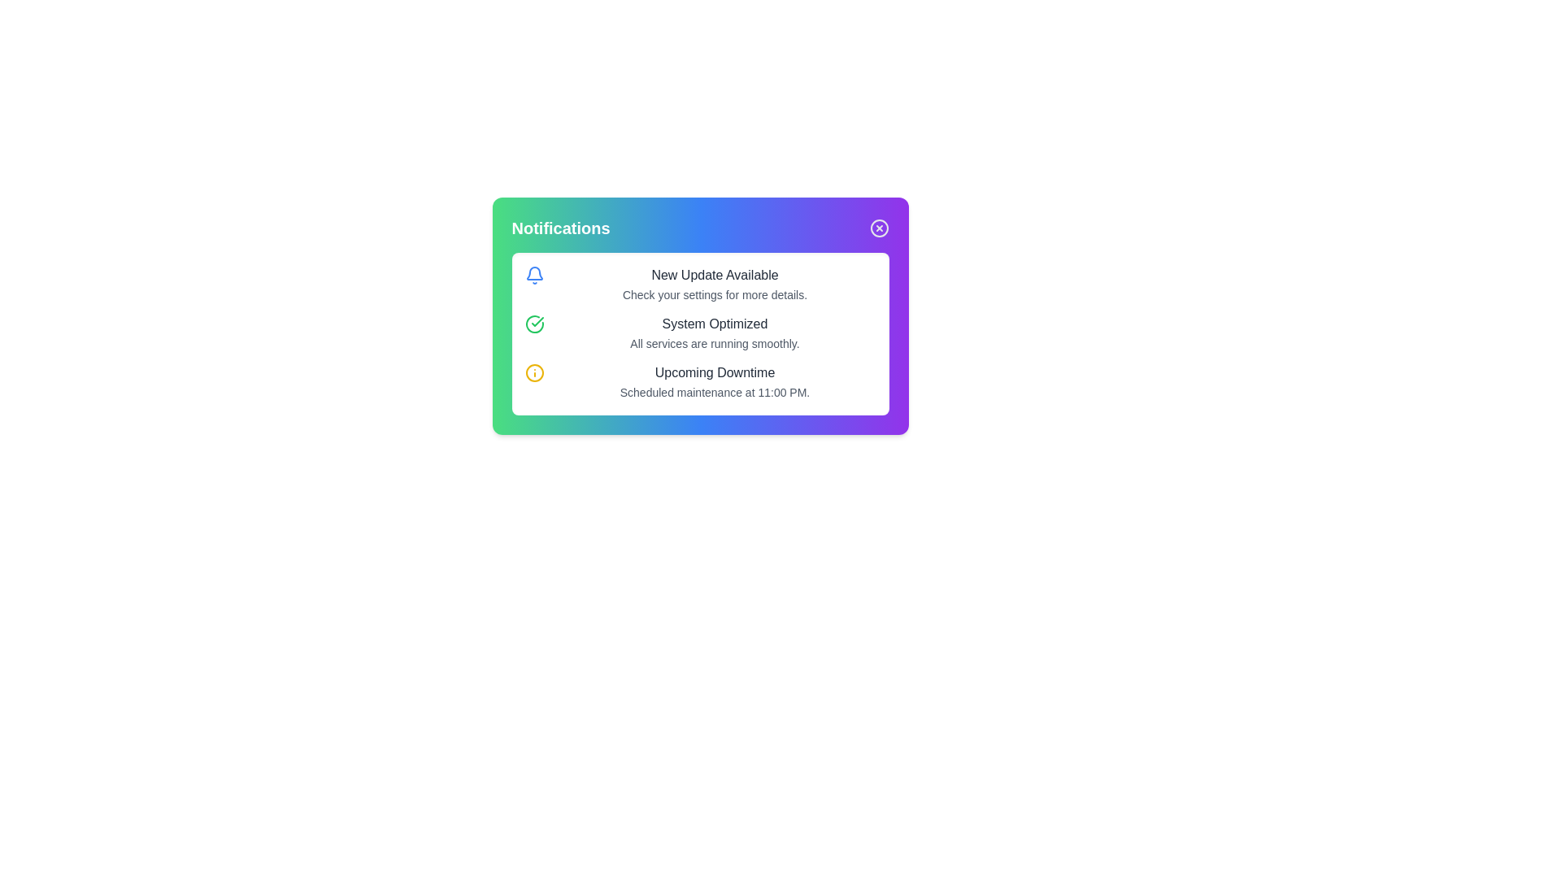 The height and width of the screenshot is (878, 1561). I want to click on the text-based informational component about upcoming maintenance, located in the notification panel under the 'Upcoming Downtime' section, specifically the third notification in the list, so click(700, 382).